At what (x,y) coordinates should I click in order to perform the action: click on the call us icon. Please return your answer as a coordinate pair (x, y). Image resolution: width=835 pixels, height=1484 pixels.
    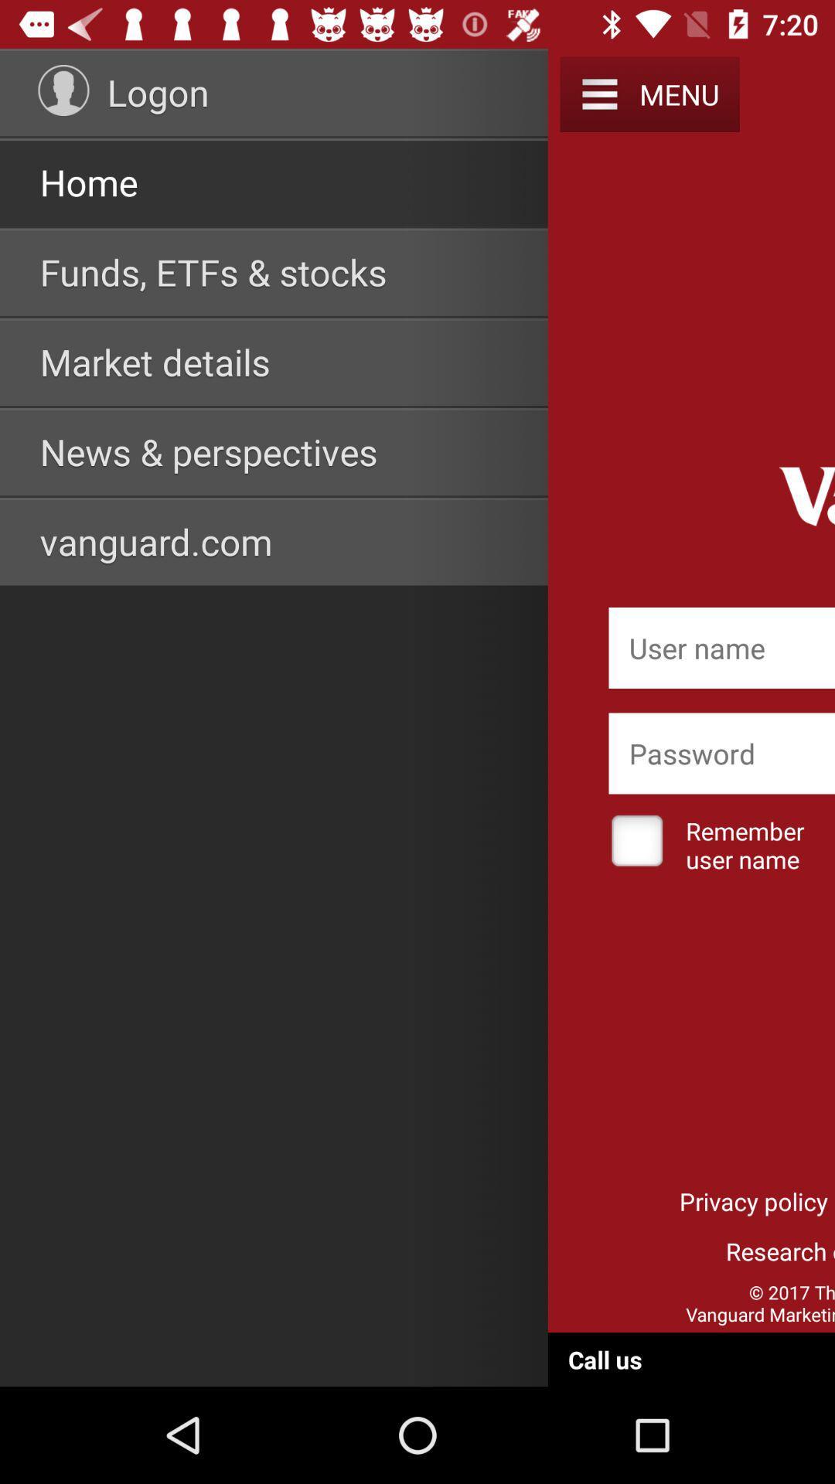
    Looking at the image, I should click on (605, 1359).